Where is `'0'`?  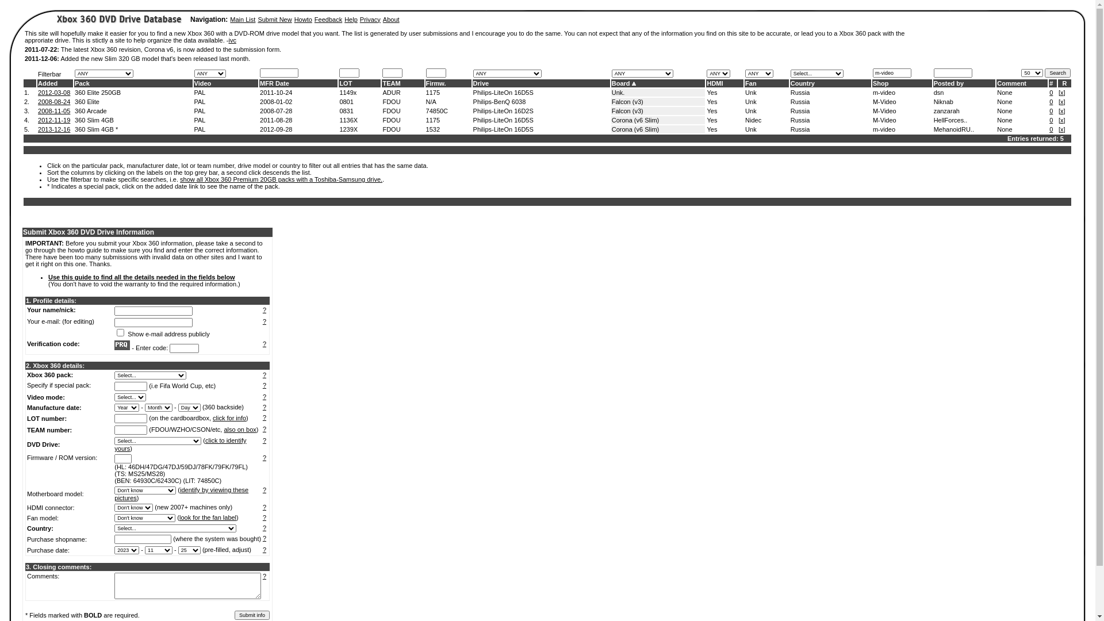
'0' is located at coordinates (1051, 110).